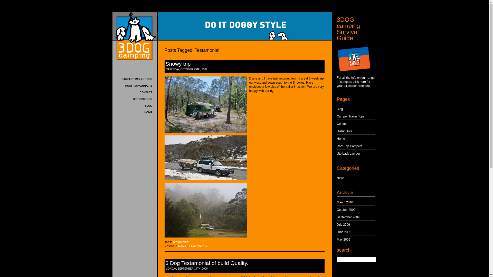 The height and width of the screenshot is (277, 493). Describe the element at coordinates (207, 263) in the screenshot. I see `'3 Dog Testamonial of build Quality.'` at that location.